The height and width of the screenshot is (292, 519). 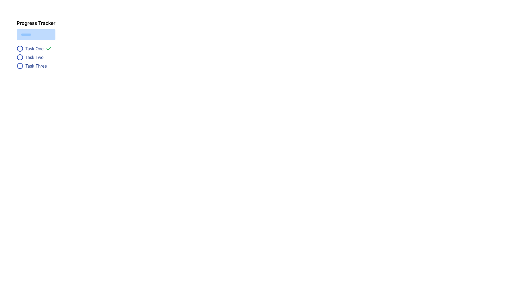 I want to click on the circular icon with a blue outline that is part of the task tracking interface next to 'Task One', so click(x=20, y=49).